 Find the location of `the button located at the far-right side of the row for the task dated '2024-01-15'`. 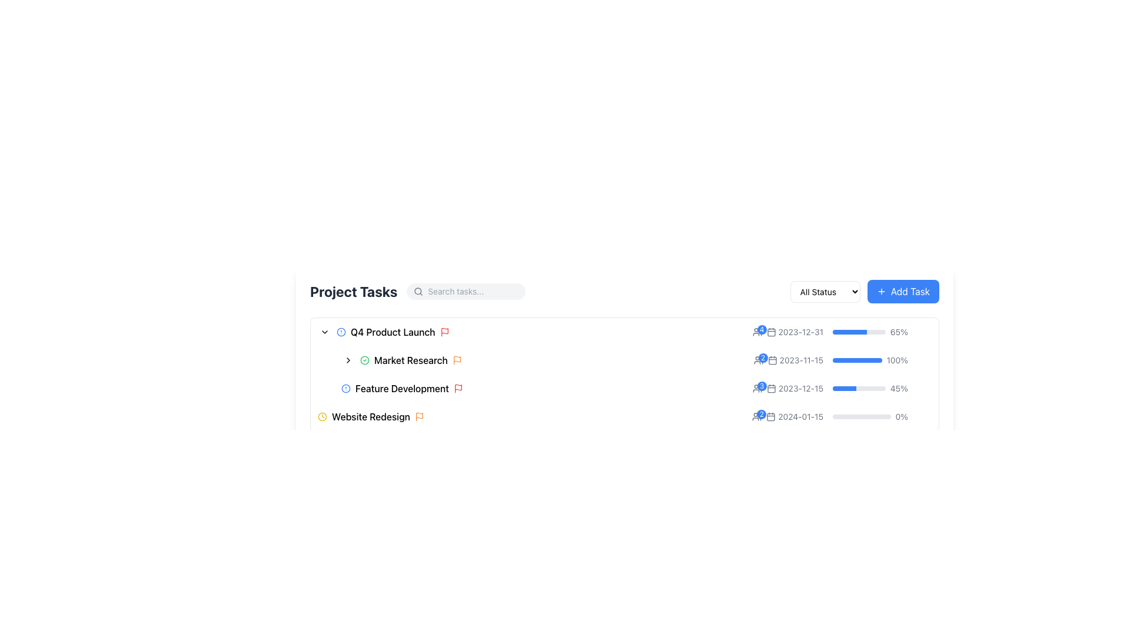

the button located at the far-right side of the row for the task dated '2024-01-15' is located at coordinates (923, 416).